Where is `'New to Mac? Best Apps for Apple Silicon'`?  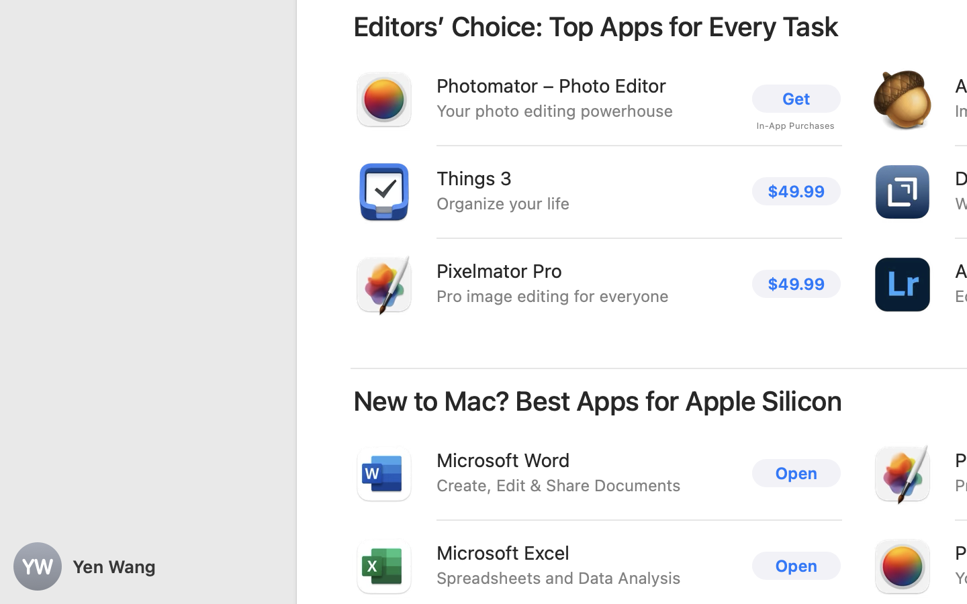
'New to Mac? Best Apps for Apple Silicon' is located at coordinates (597, 401).